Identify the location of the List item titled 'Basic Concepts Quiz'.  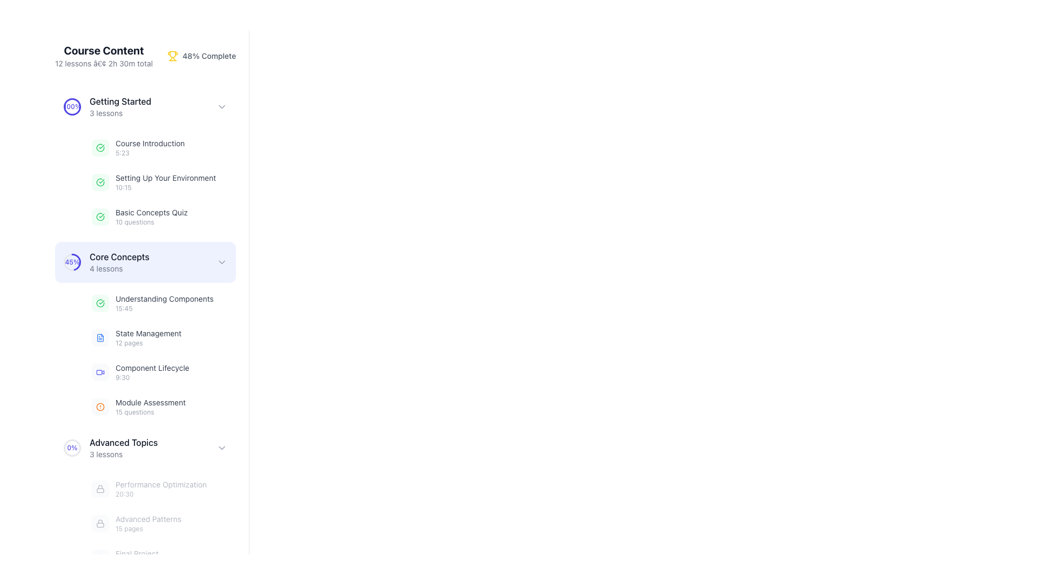
(139, 216).